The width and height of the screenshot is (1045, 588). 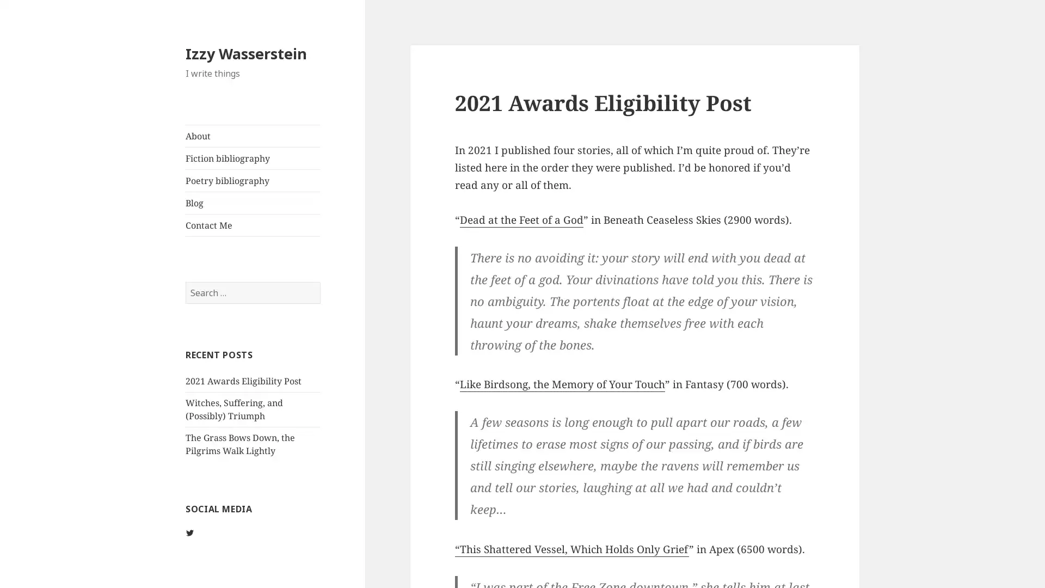 I want to click on Search, so click(x=319, y=280).